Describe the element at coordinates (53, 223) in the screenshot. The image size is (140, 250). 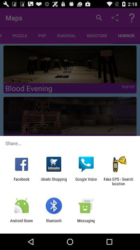
I see `app to the right of android beam icon` at that location.